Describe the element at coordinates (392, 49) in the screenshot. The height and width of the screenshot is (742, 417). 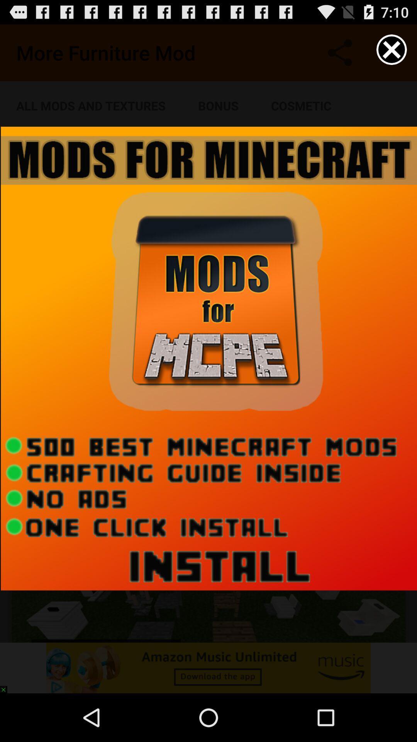
I see `icon at the top right corner` at that location.